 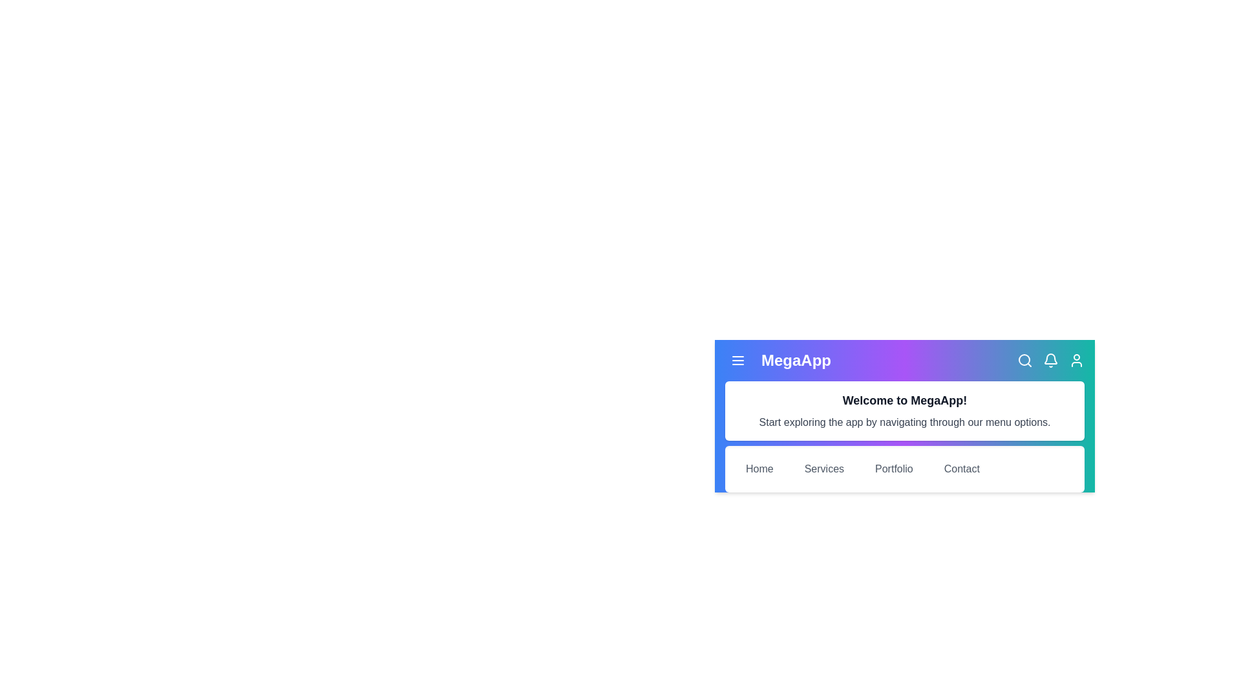 I want to click on the search icon to initiate a search, so click(x=1024, y=361).